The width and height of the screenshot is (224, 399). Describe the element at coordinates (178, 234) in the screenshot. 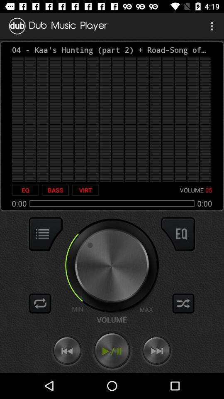

I see `icon below 0:36 item` at that location.